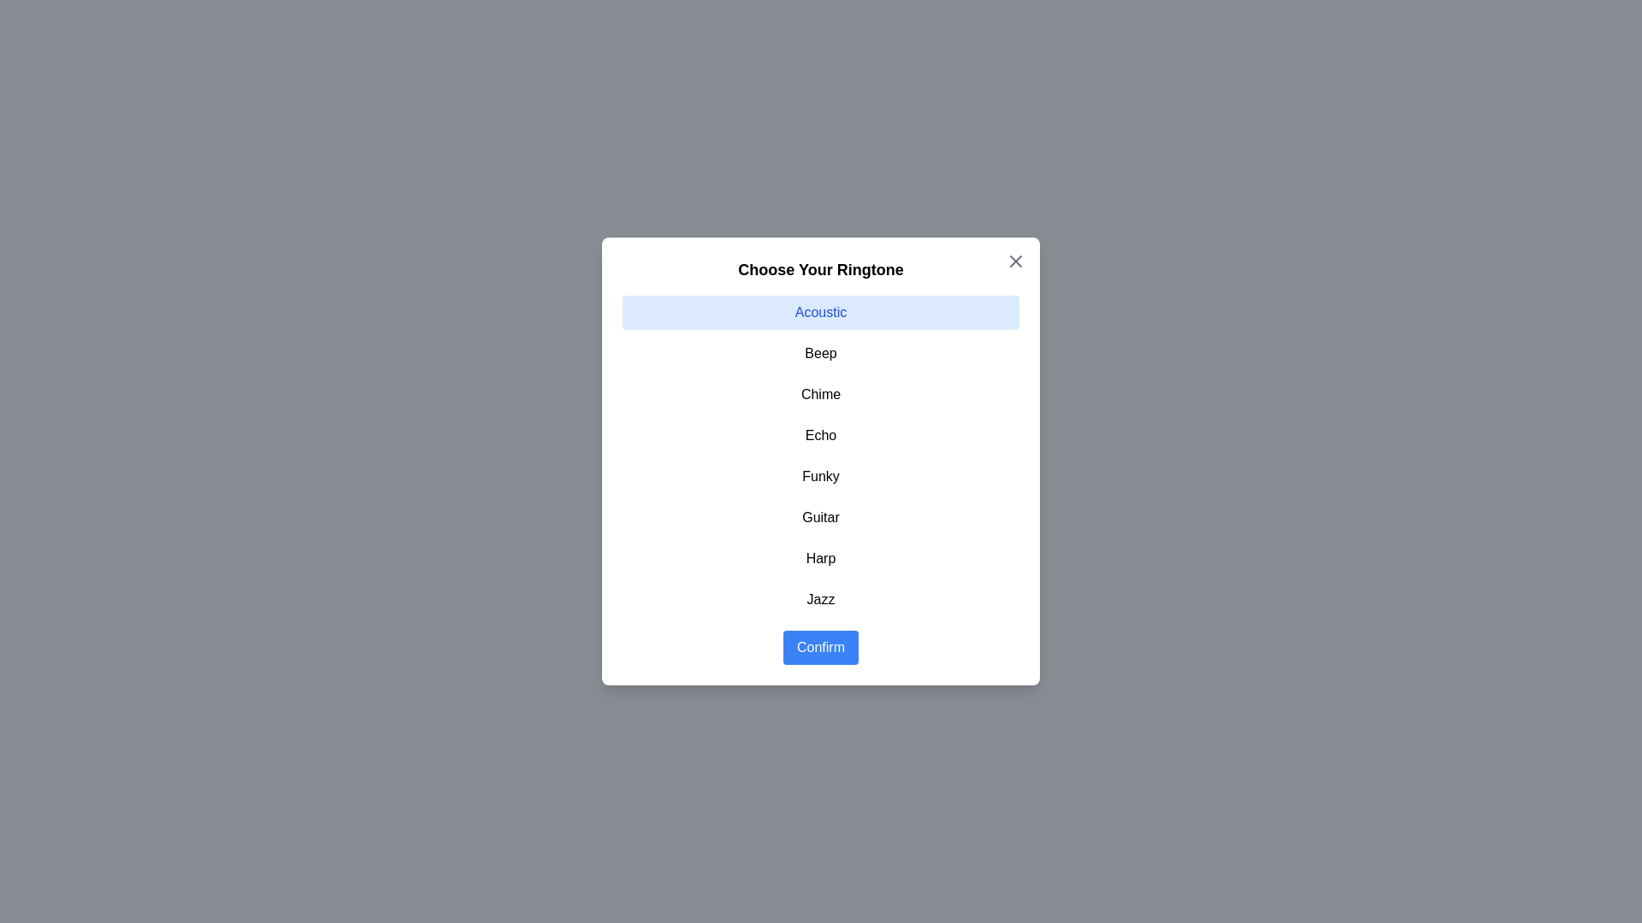 The image size is (1642, 923). What do you see at coordinates (821, 434) in the screenshot?
I see `the ringtone Echo from the list` at bounding box center [821, 434].